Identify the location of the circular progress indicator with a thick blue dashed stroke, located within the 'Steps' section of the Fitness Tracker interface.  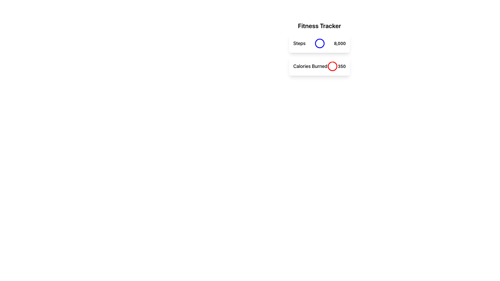
(320, 43).